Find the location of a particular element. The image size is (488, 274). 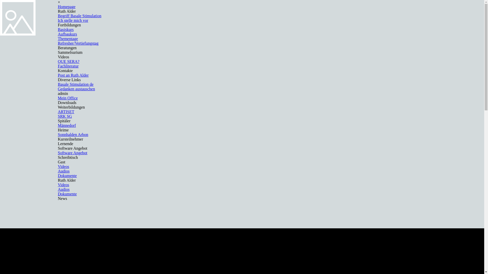

'Dokumente' is located at coordinates (67, 175).